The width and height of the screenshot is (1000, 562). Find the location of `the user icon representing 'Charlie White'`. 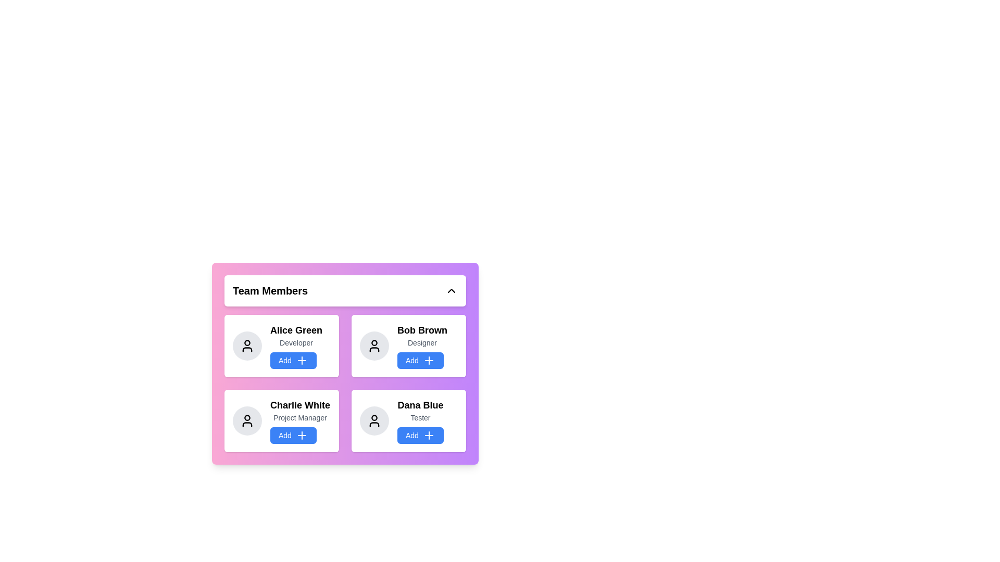

the user icon representing 'Charlie White' is located at coordinates (247, 420).